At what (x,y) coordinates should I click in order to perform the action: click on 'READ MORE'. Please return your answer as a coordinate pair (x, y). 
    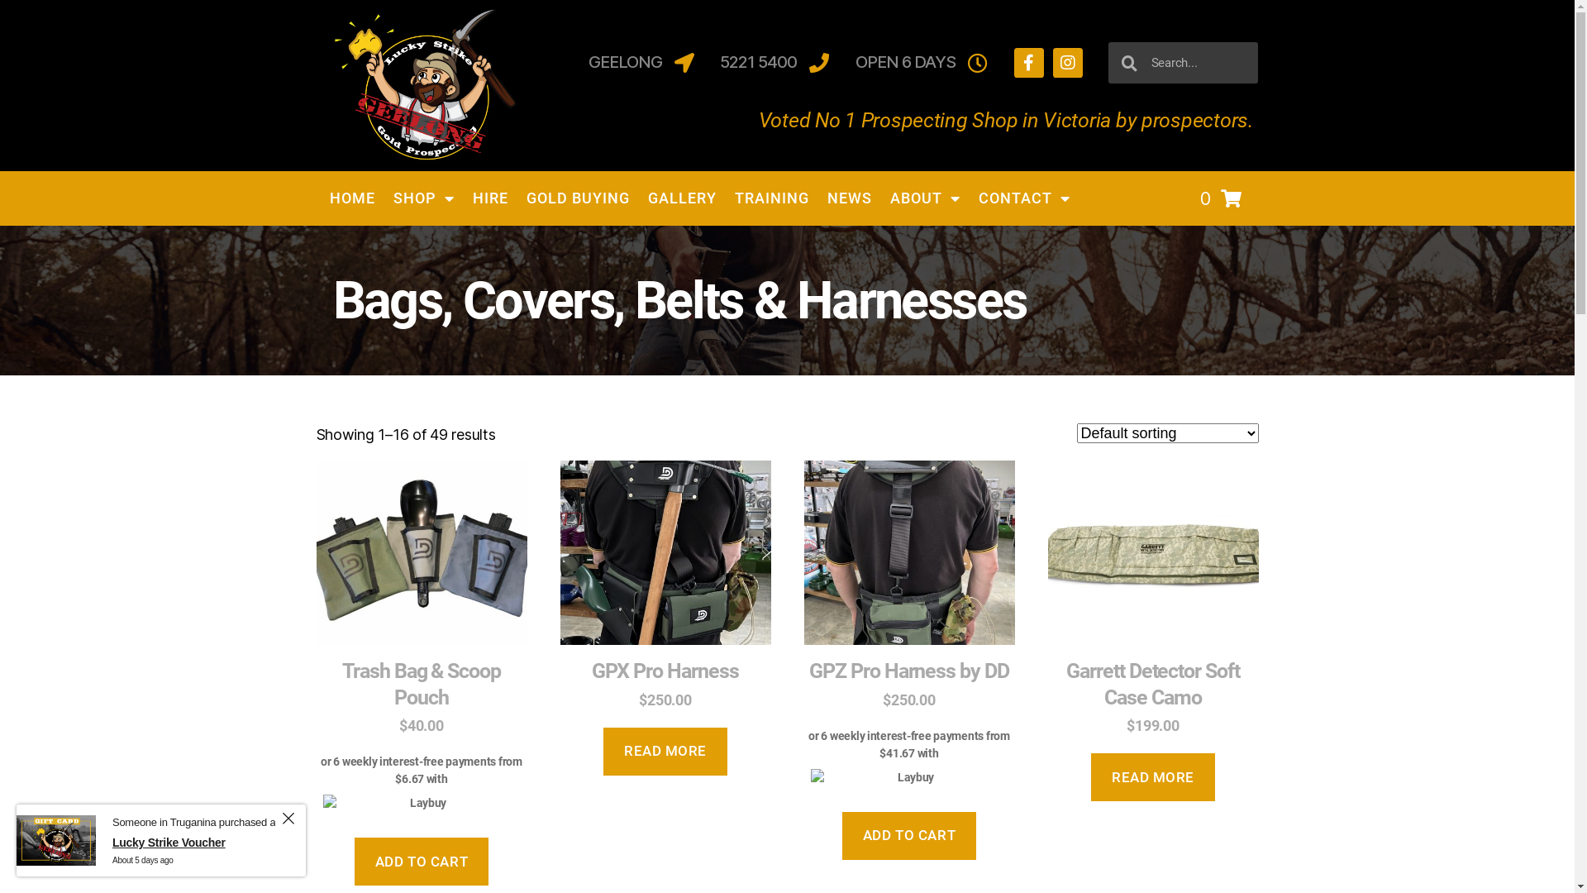
    Looking at the image, I should click on (1151, 777).